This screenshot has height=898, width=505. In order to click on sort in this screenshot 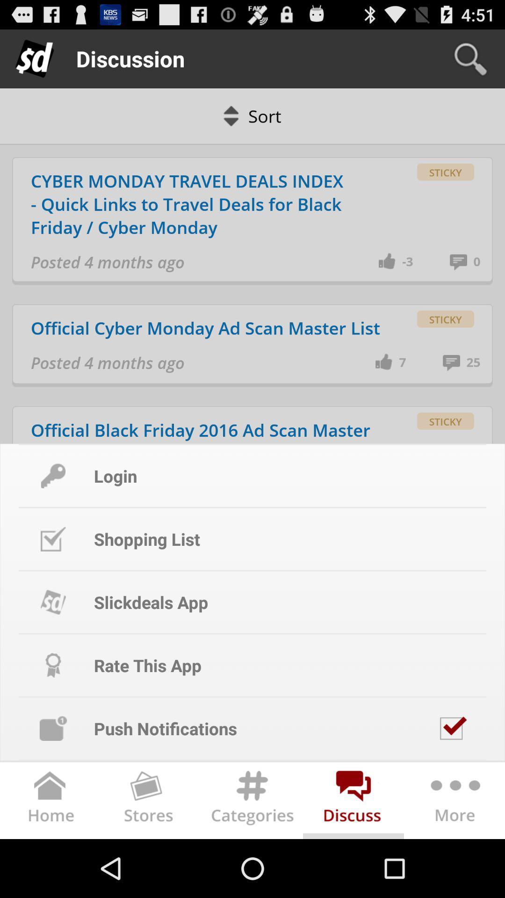, I will do `click(252, 116)`.